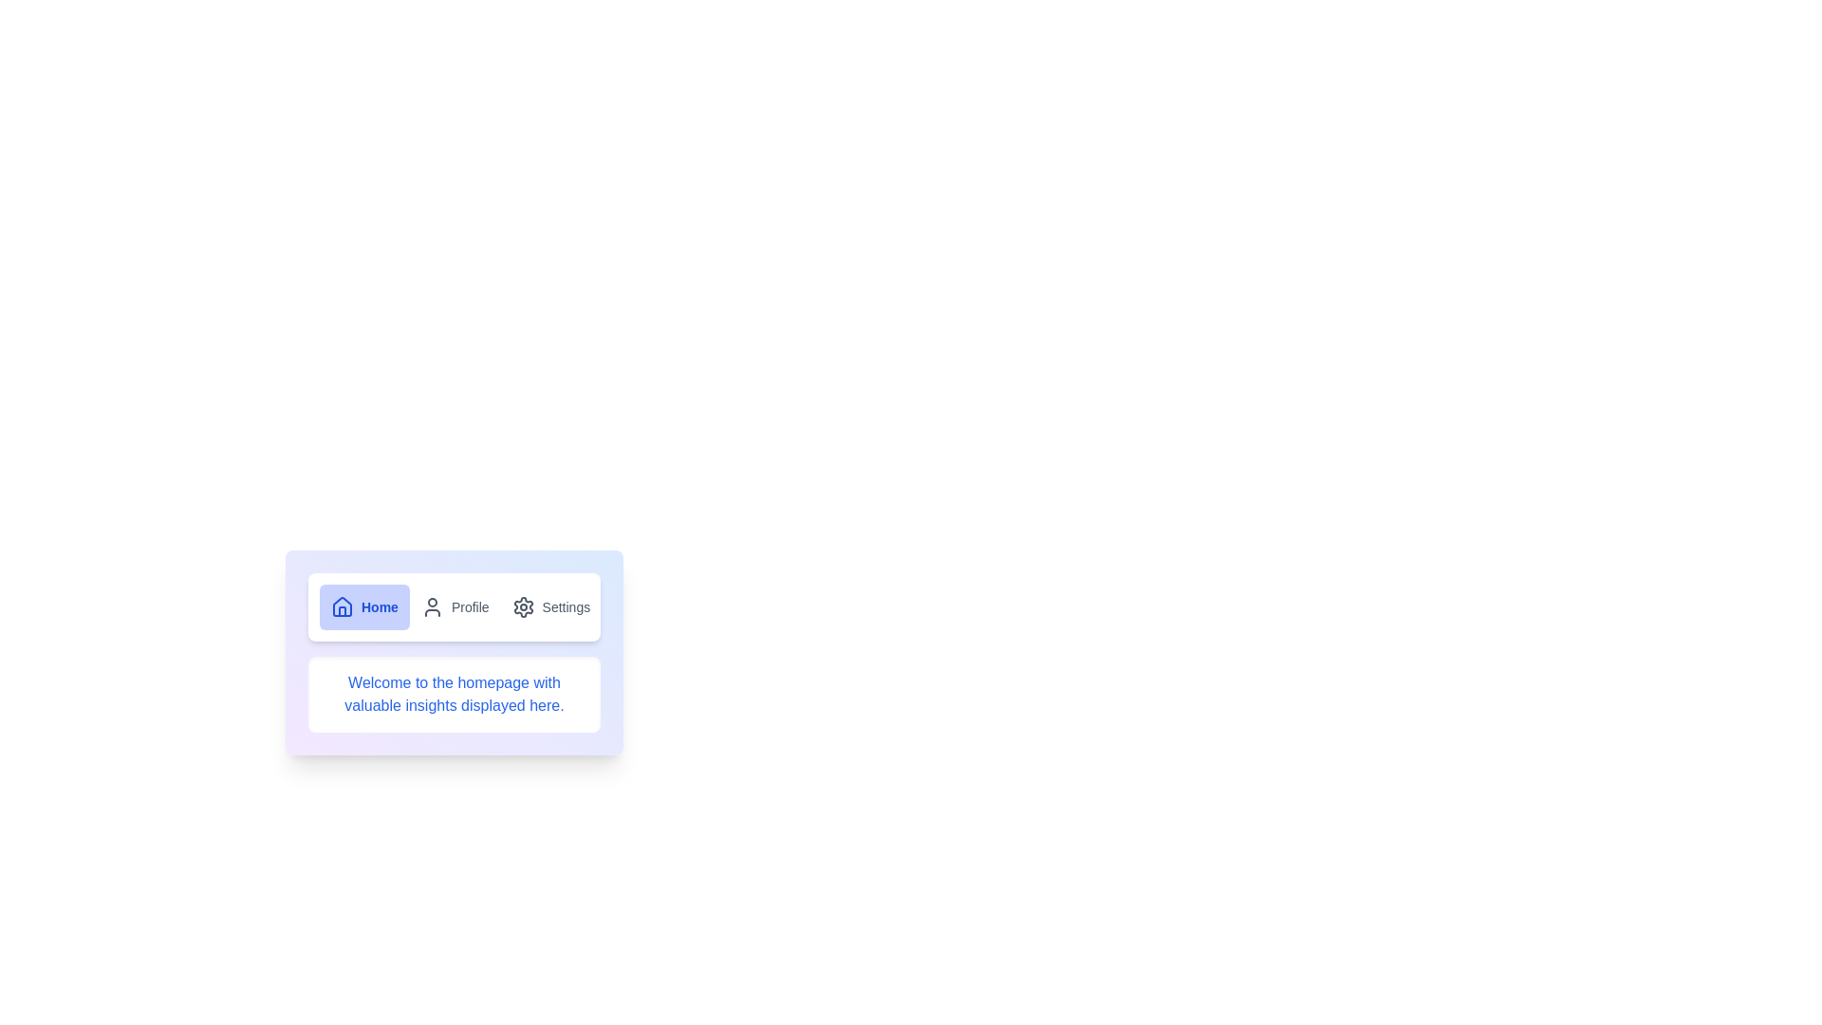 Image resolution: width=1822 pixels, height=1025 pixels. What do you see at coordinates (523, 607) in the screenshot?
I see `the icon of the Settings tab` at bounding box center [523, 607].